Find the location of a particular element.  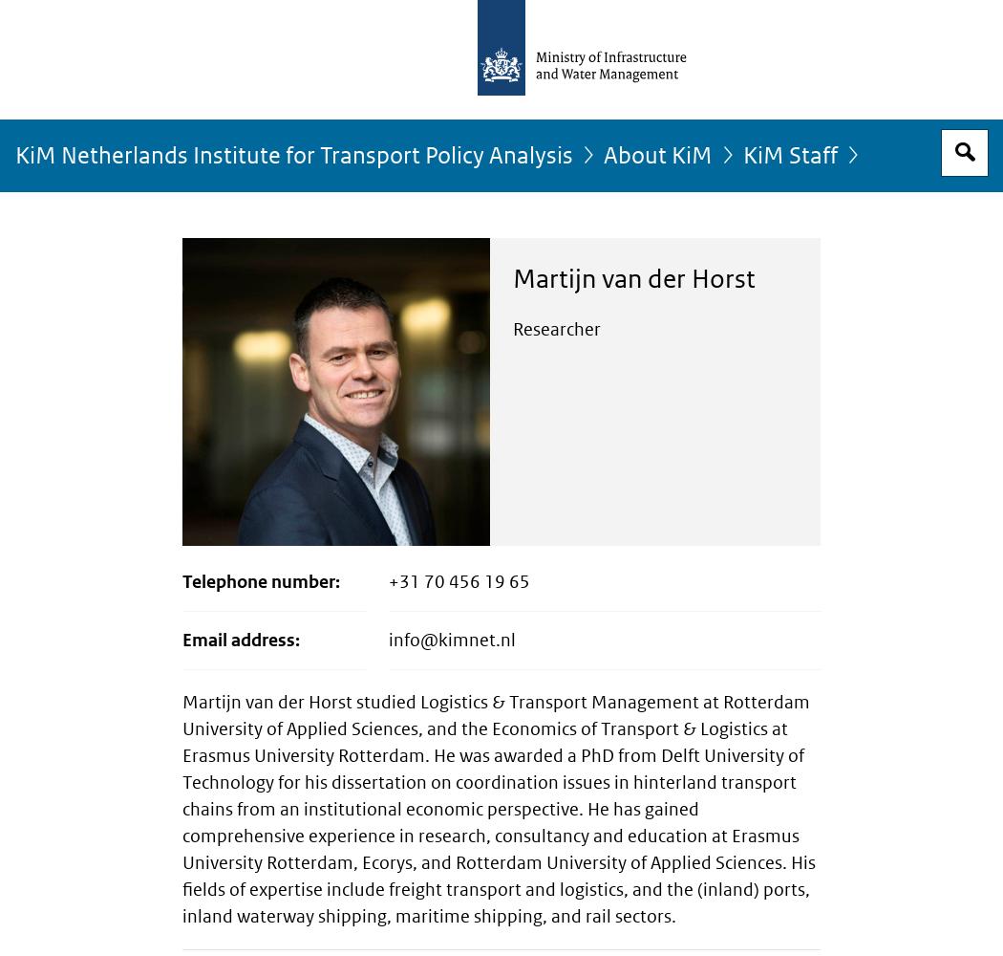

'About KiM' is located at coordinates (658, 156).